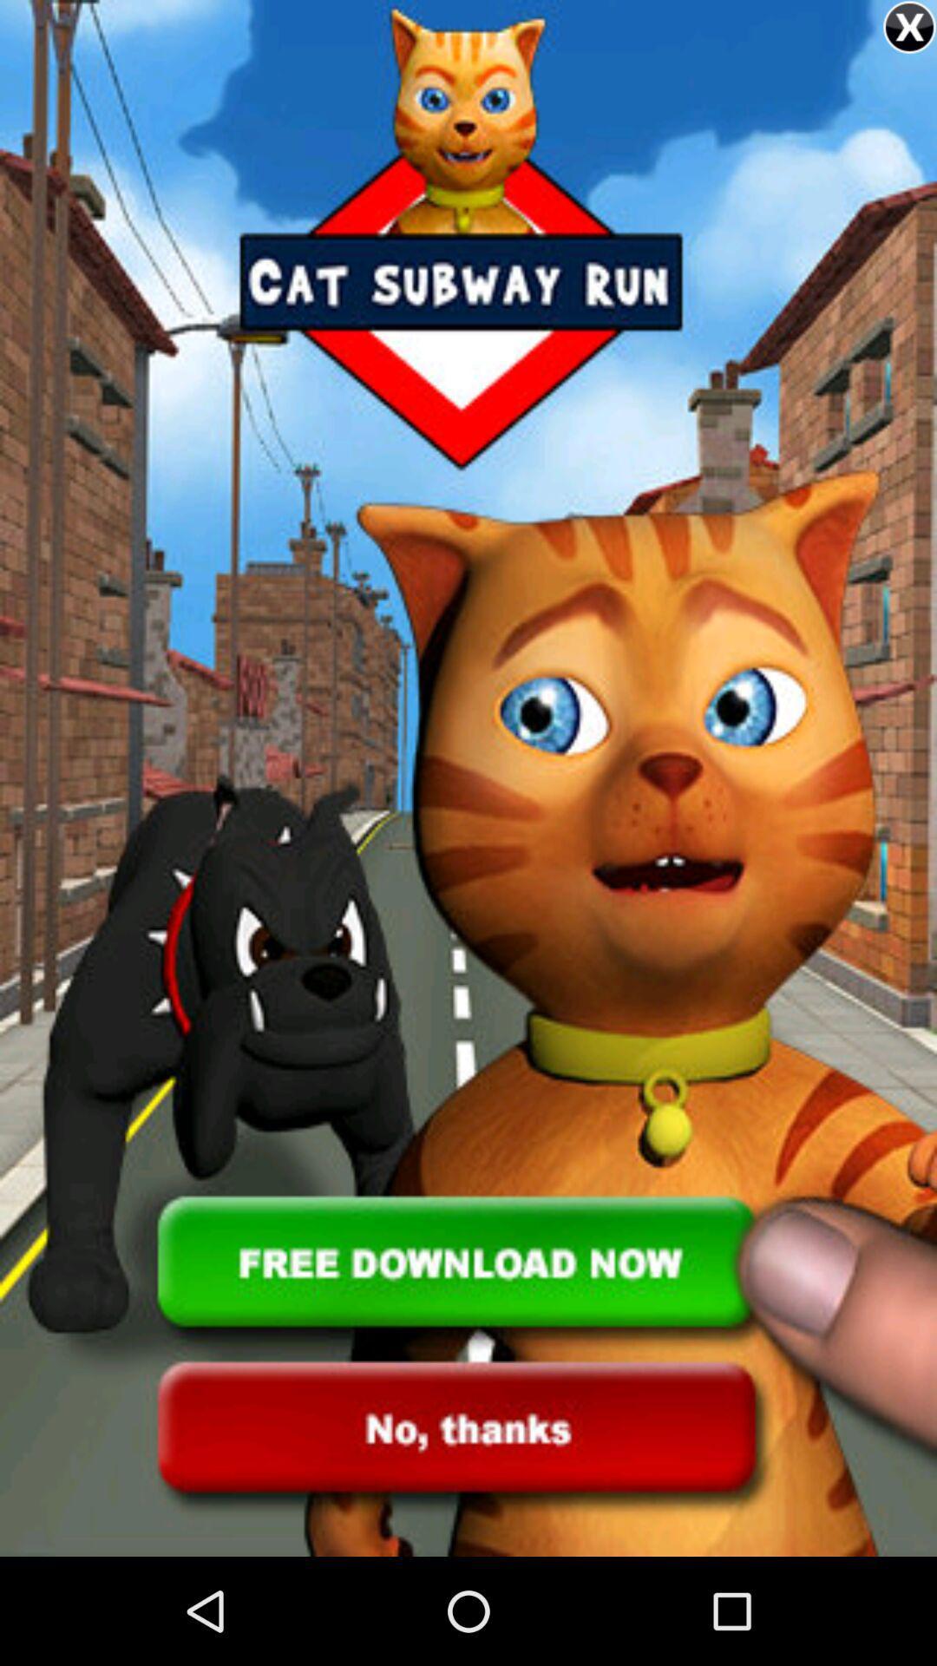 Image resolution: width=937 pixels, height=1666 pixels. What do you see at coordinates (908, 27) in the screenshot?
I see `button` at bounding box center [908, 27].